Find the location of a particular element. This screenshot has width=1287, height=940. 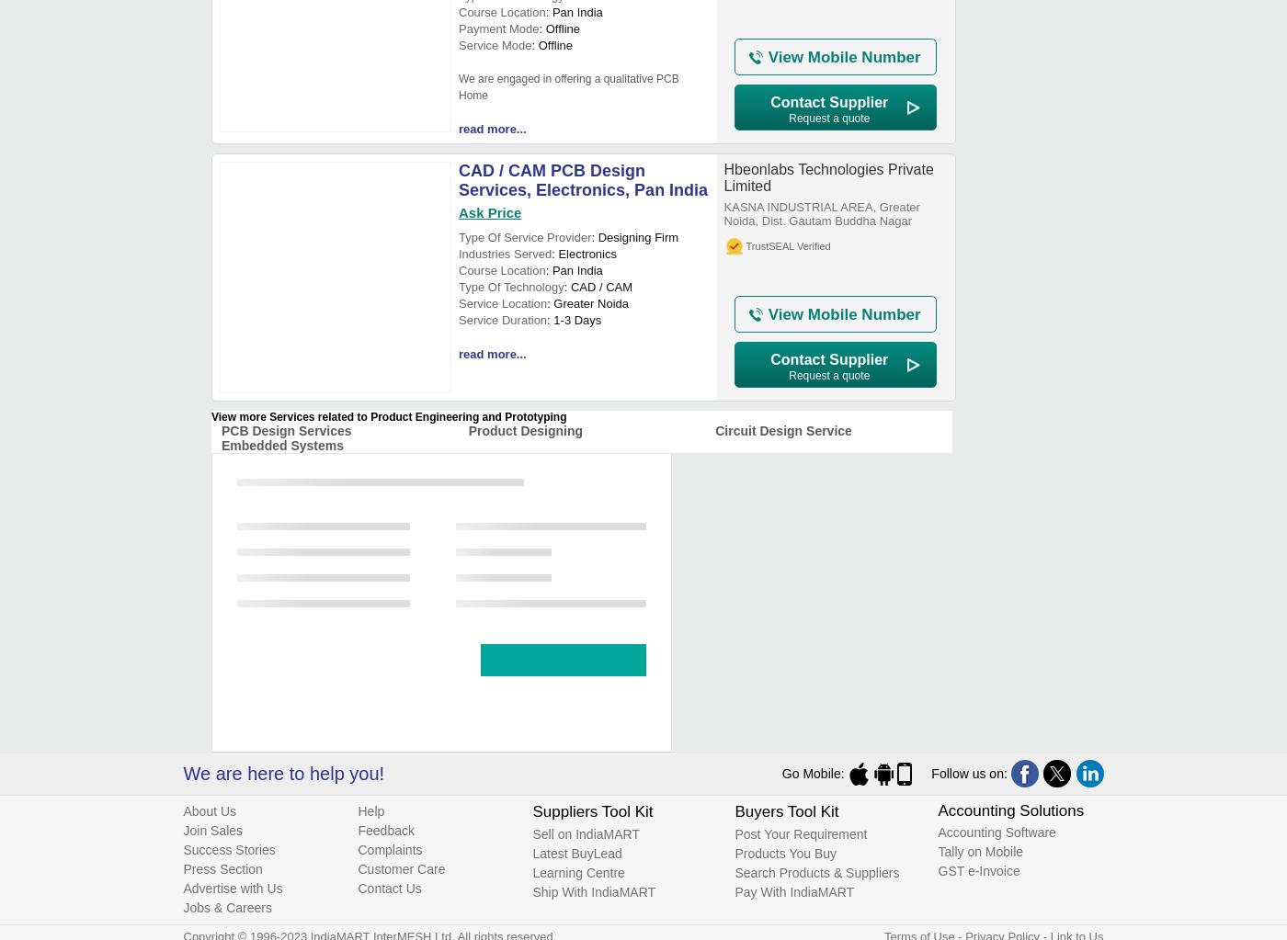

':  Designing Firm' is located at coordinates (634, 237).